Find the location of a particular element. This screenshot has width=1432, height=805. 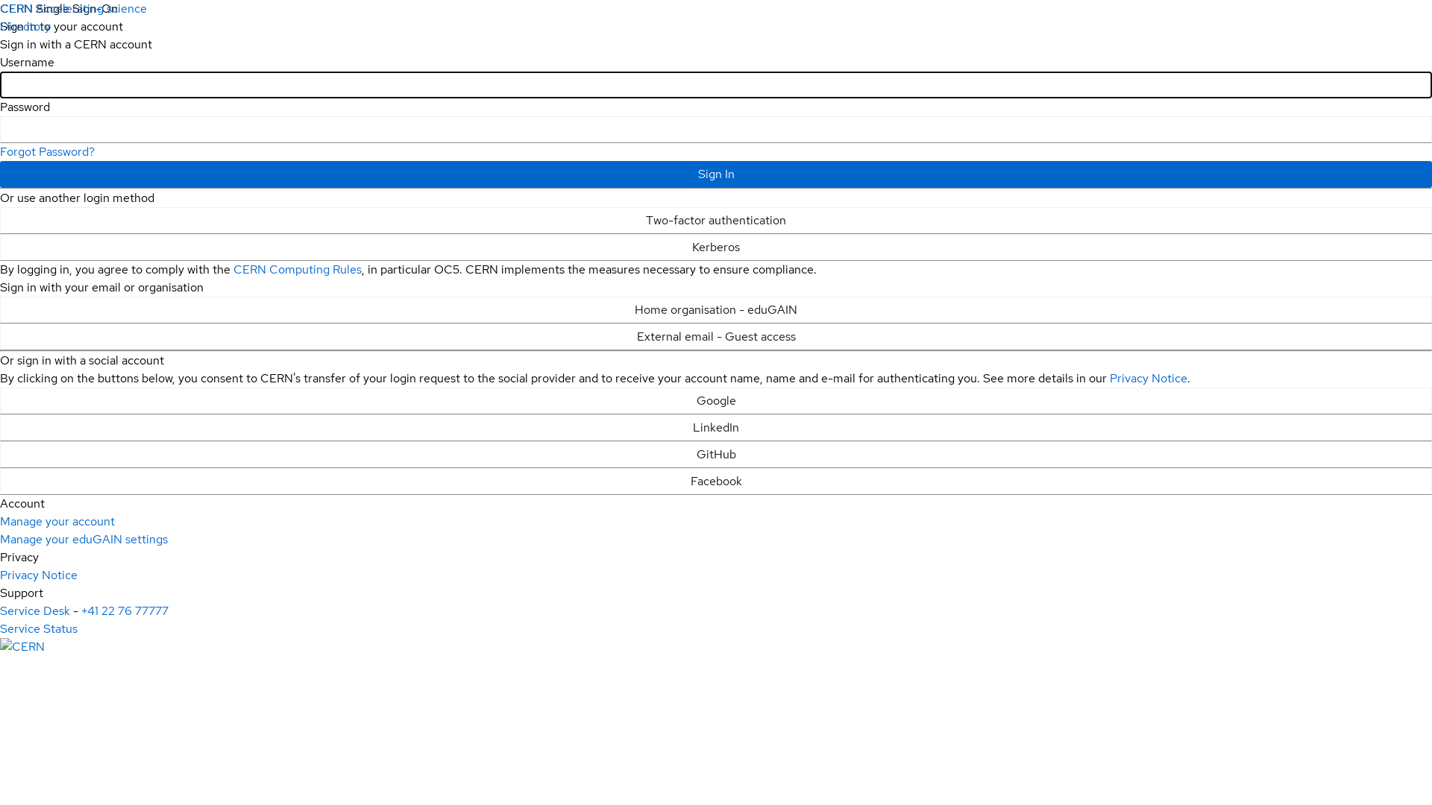

'Directory' is located at coordinates (0, 26).